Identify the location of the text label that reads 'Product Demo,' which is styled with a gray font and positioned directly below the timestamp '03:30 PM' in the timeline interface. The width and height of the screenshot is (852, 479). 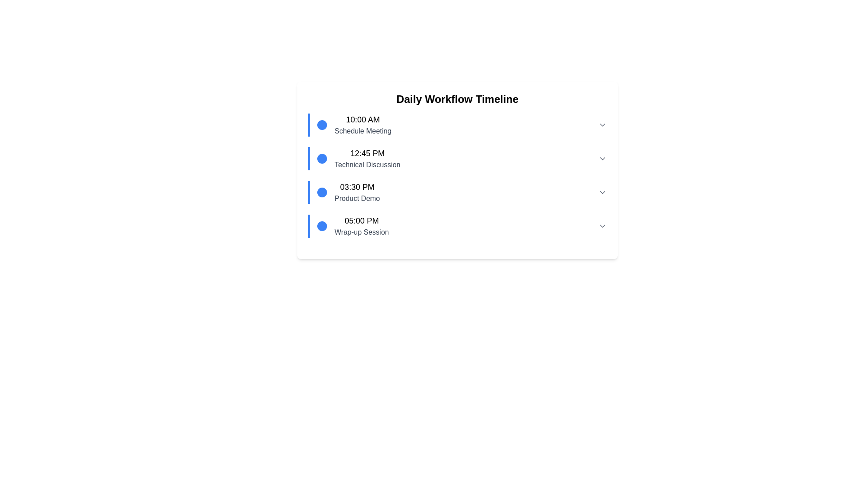
(357, 198).